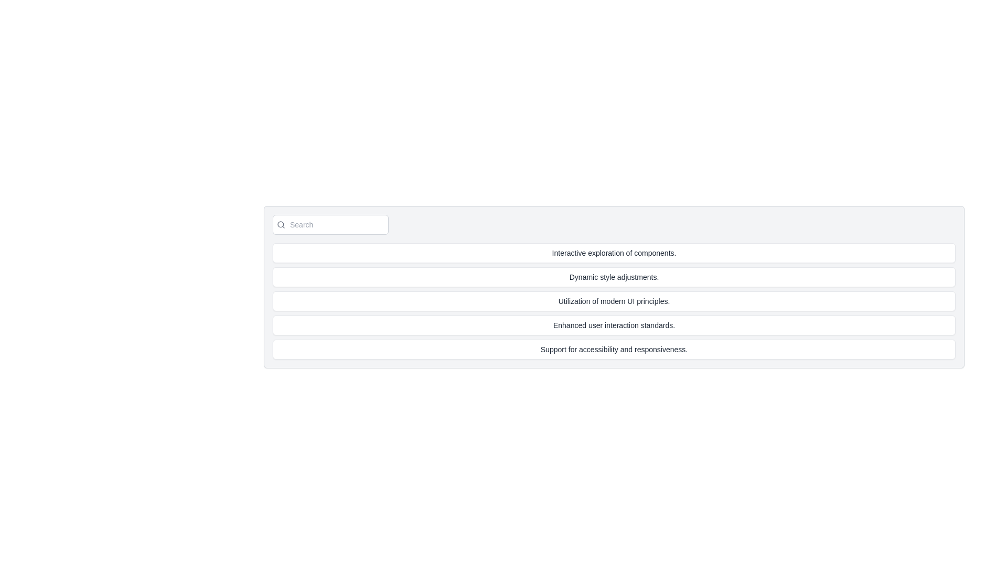 Image resolution: width=1007 pixels, height=566 pixels. I want to click on the last character of the sentence 'Support for accessibility and responsiveness.' in the bottommost row of the list, so click(642, 350).